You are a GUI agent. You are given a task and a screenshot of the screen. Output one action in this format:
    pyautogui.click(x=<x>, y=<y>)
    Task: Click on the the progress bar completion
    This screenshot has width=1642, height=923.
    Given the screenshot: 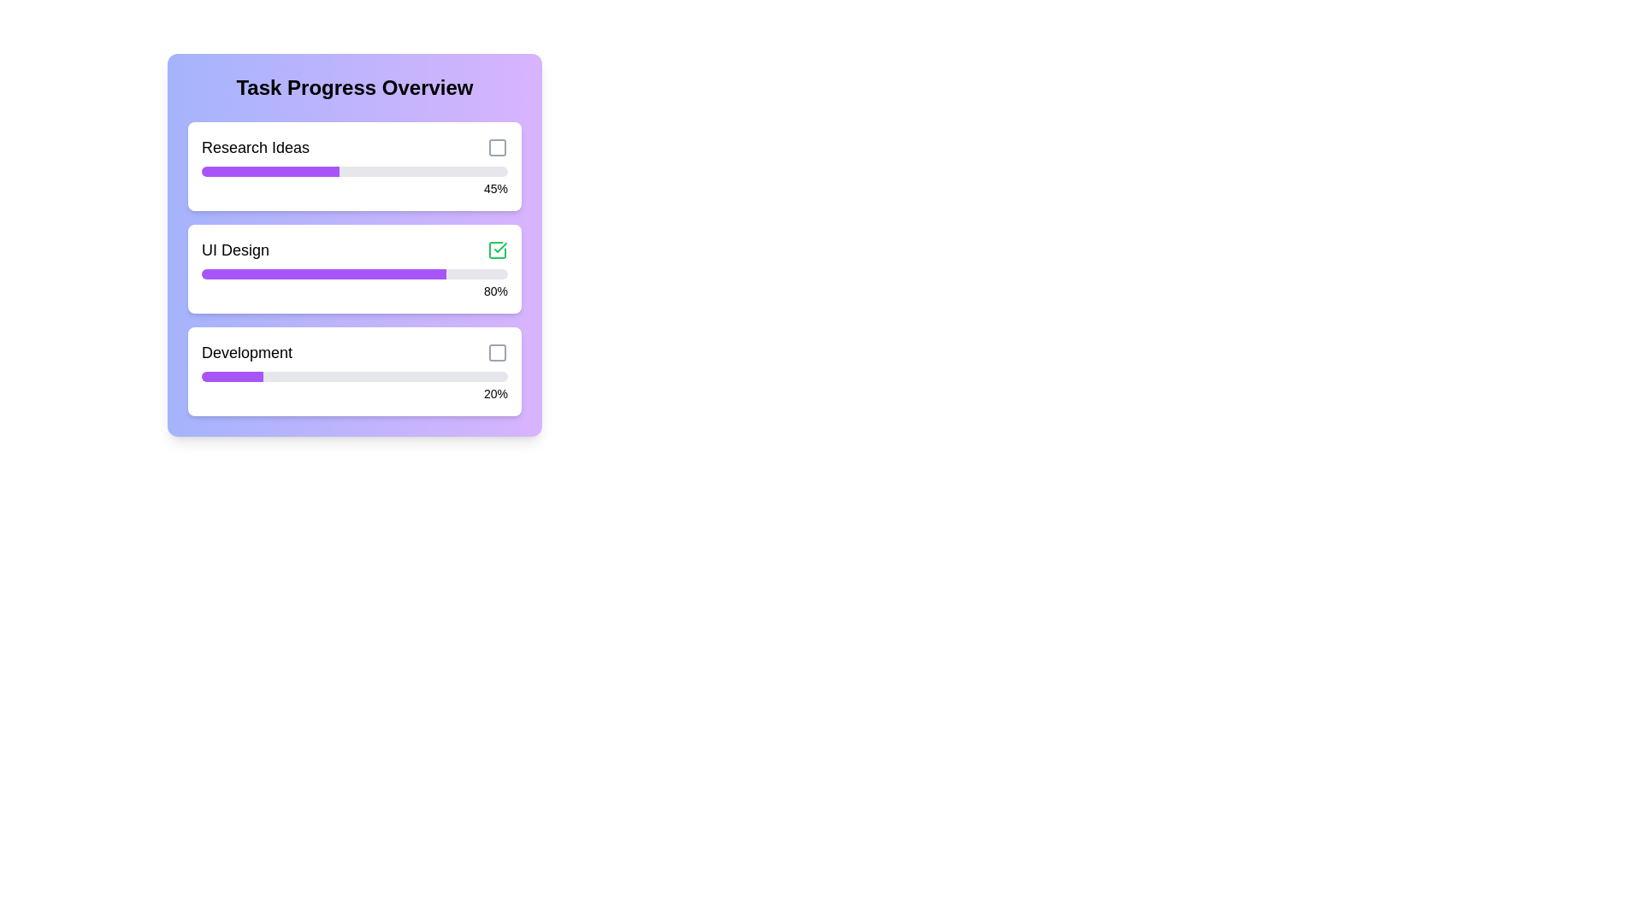 What is the action you would take?
    pyautogui.click(x=439, y=273)
    